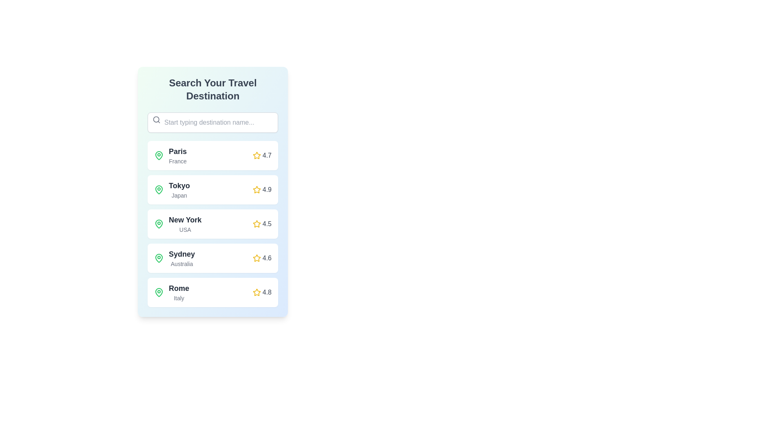  What do you see at coordinates (262, 155) in the screenshot?
I see `the rating indicator for the travel destination 'Paris, France', which consists of a star icon and a numeric value, located on the right-hand side of the list item` at bounding box center [262, 155].